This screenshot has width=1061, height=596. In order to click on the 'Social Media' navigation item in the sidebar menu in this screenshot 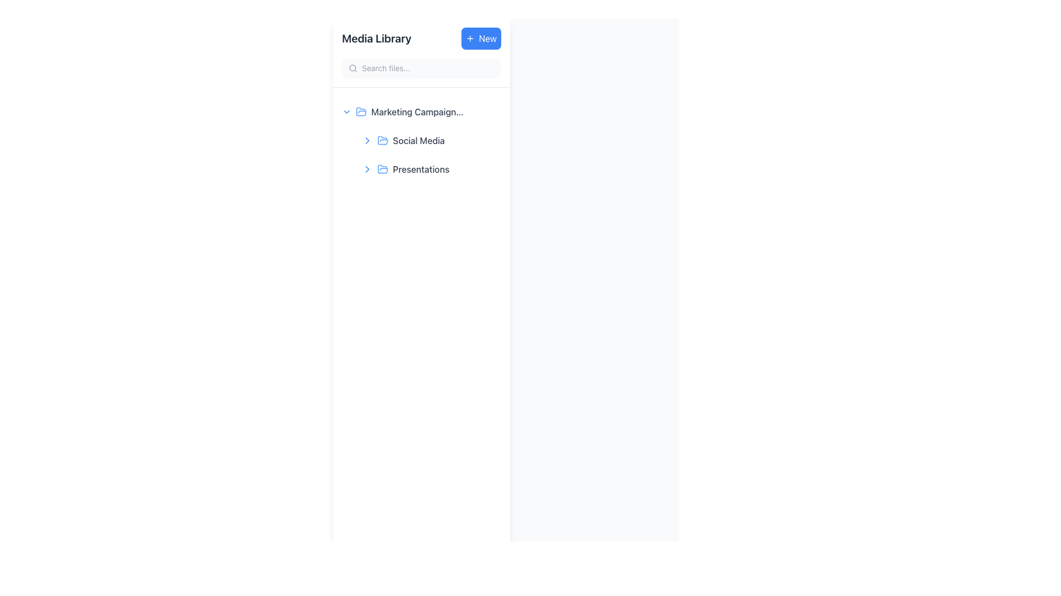, I will do `click(426, 140)`.